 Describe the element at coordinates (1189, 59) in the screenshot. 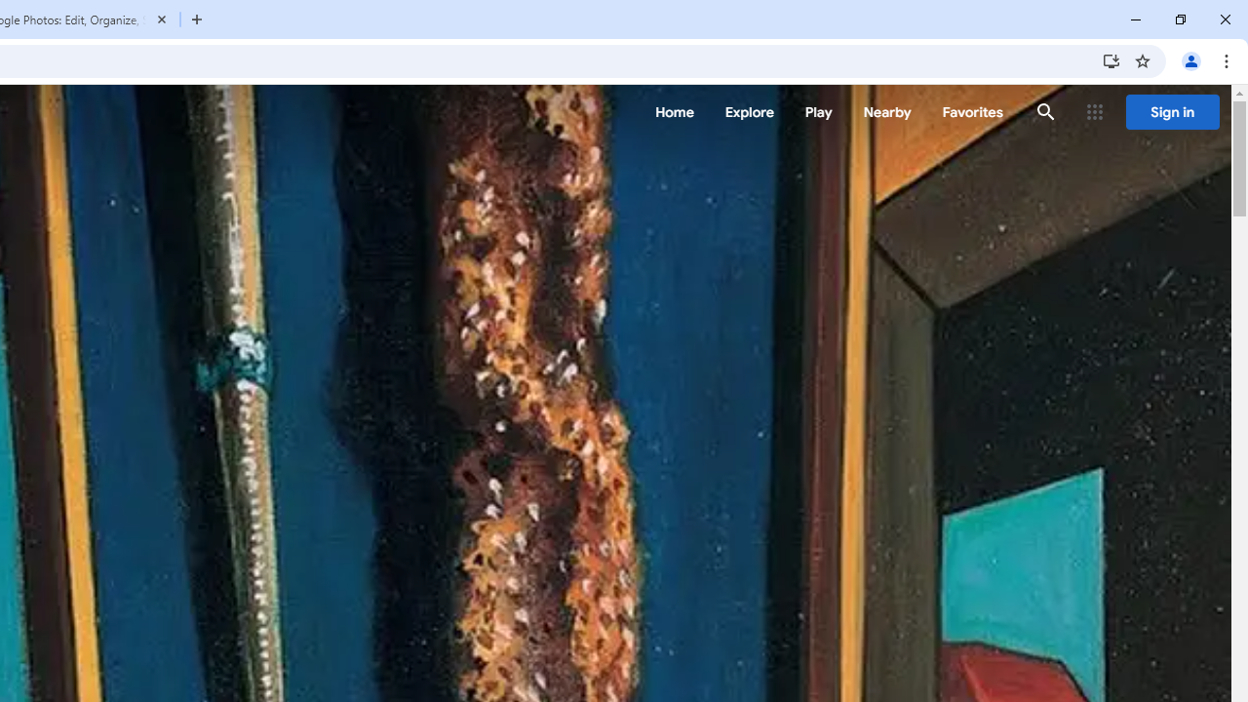

I see `'You'` at that location.